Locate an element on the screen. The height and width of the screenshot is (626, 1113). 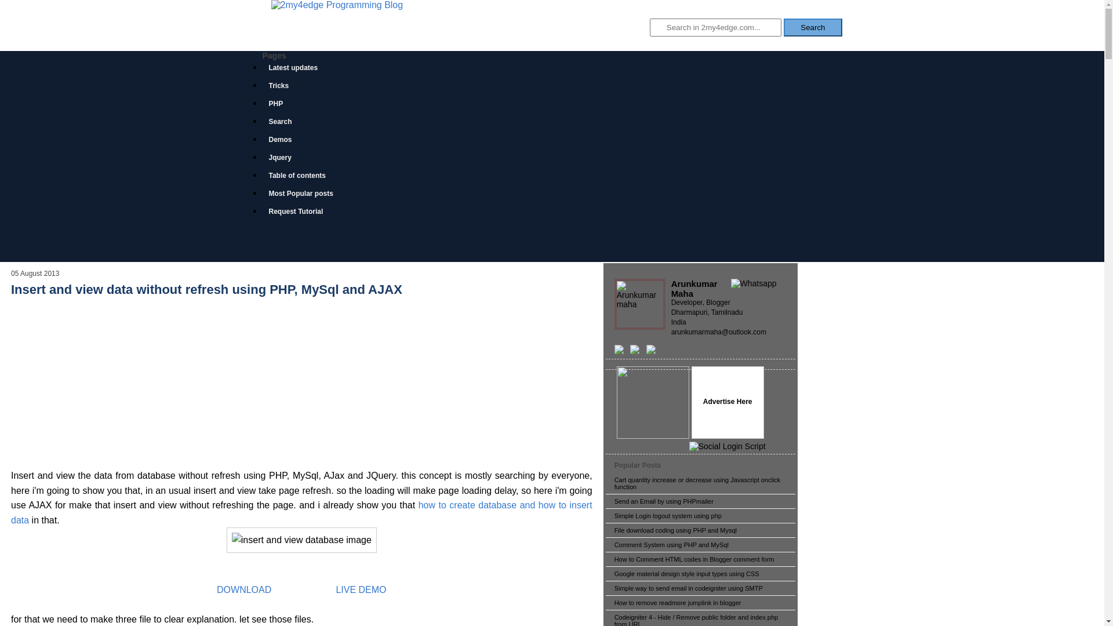
'File download coding using PHP and Mysql' is located at coordinates (675, 530).